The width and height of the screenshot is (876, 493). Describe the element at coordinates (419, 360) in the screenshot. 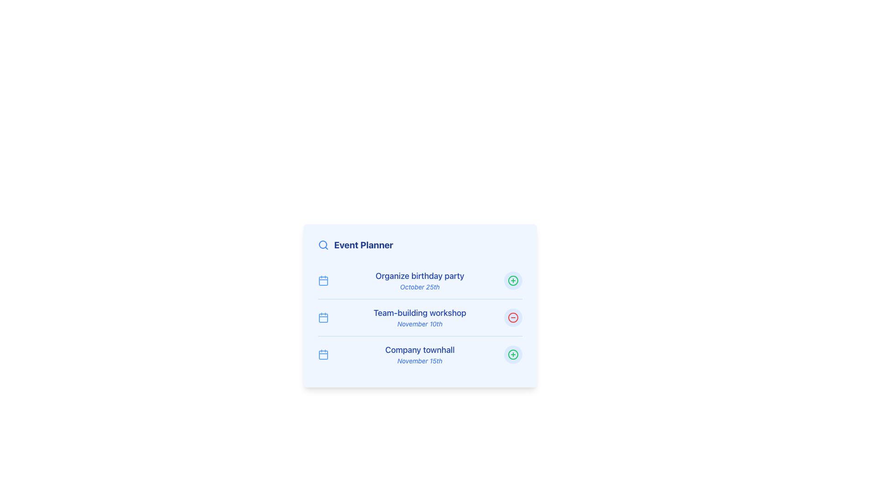

I see `the static text label displaying 'November 15th' which is styled in a small italic font and colored blue, located directly below the title 'Company townhall' in the event planner interface` at that location.